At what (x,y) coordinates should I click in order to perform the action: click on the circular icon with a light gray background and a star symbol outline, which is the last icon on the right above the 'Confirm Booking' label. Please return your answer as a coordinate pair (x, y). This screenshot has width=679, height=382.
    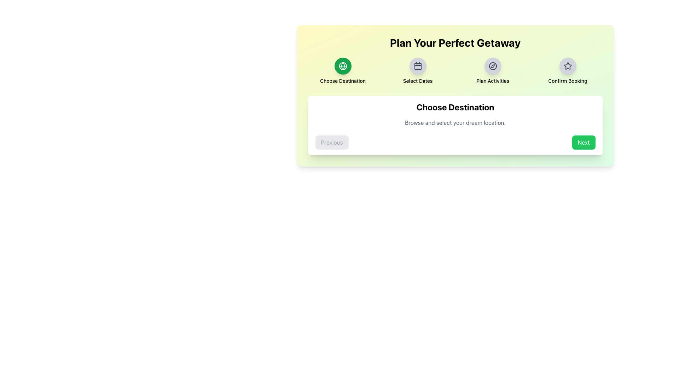
    Looking at the image, I should click on (568, 66).